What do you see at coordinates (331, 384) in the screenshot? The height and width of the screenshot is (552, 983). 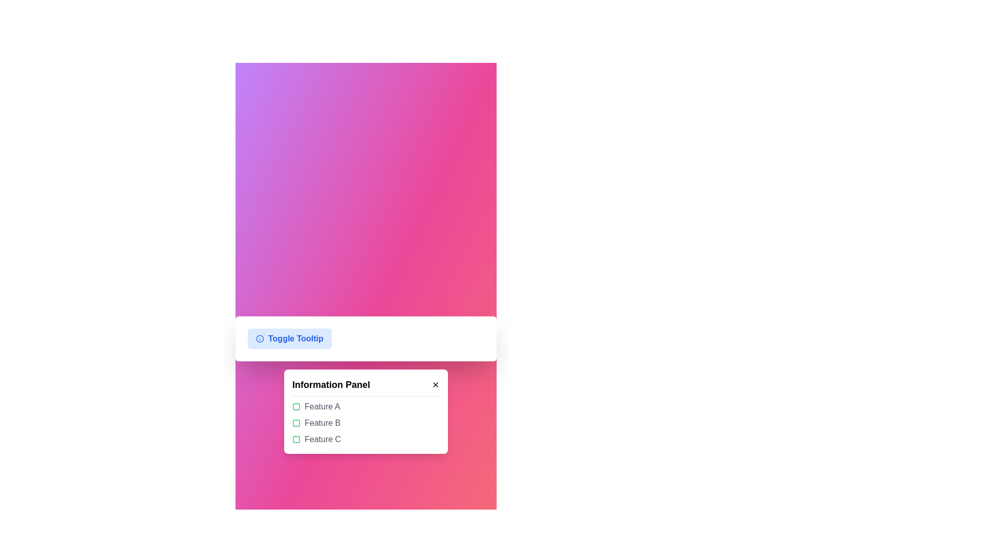 I see `the text label that serves as a title or heading for the panel` at bounding box center [331, 384].